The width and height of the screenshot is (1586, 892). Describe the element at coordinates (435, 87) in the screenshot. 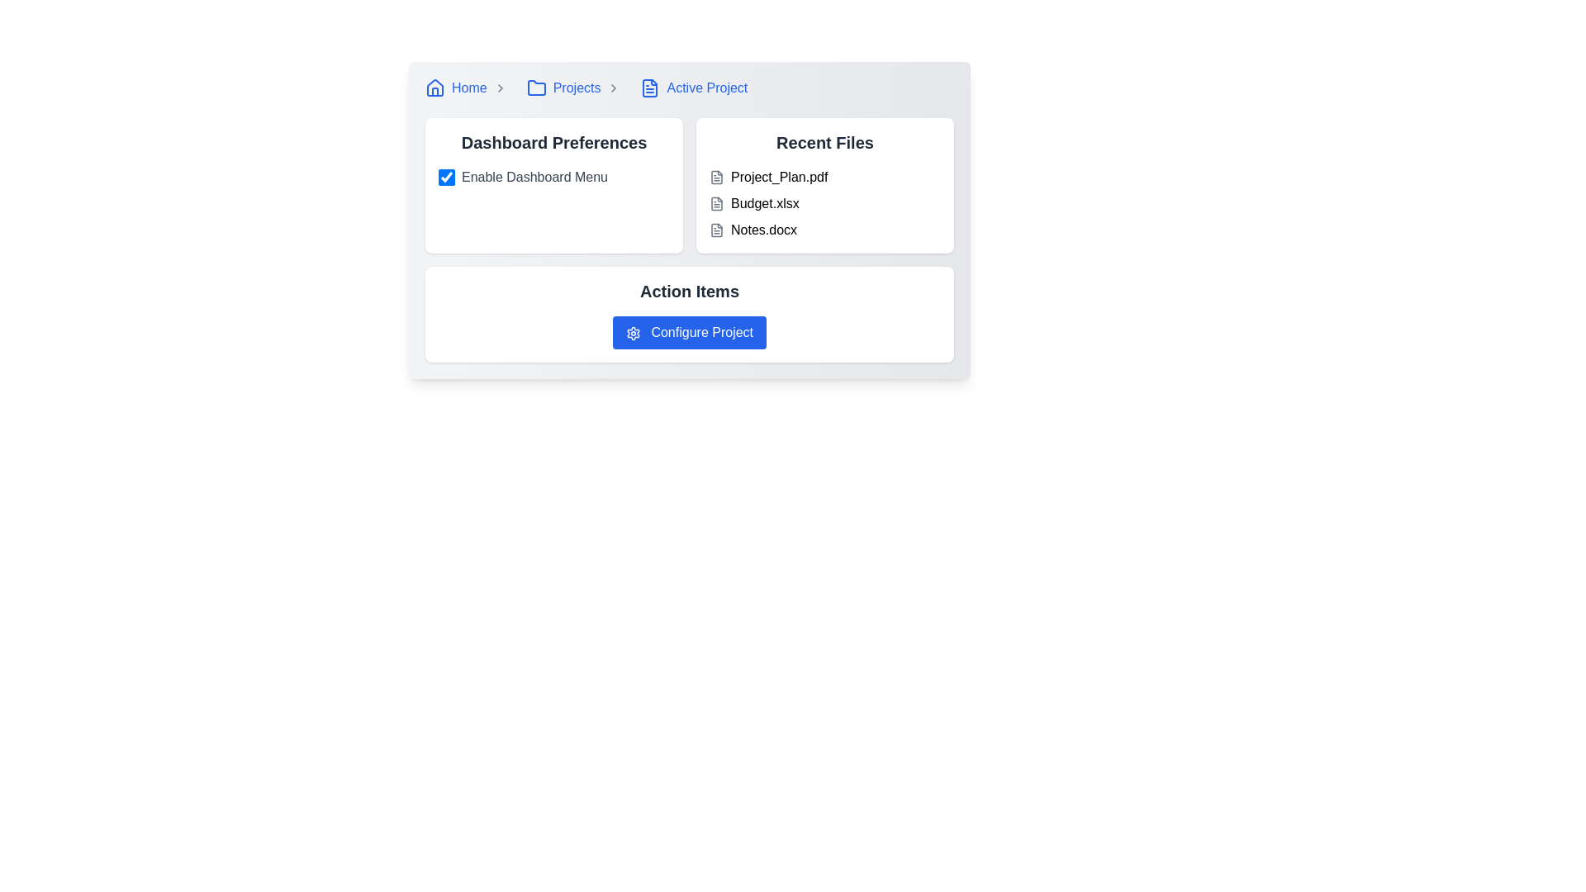

I see `the roof of the house icon in the 'Home' breadcrumb navigation, which is part of the SVG graphical representation` at that location.